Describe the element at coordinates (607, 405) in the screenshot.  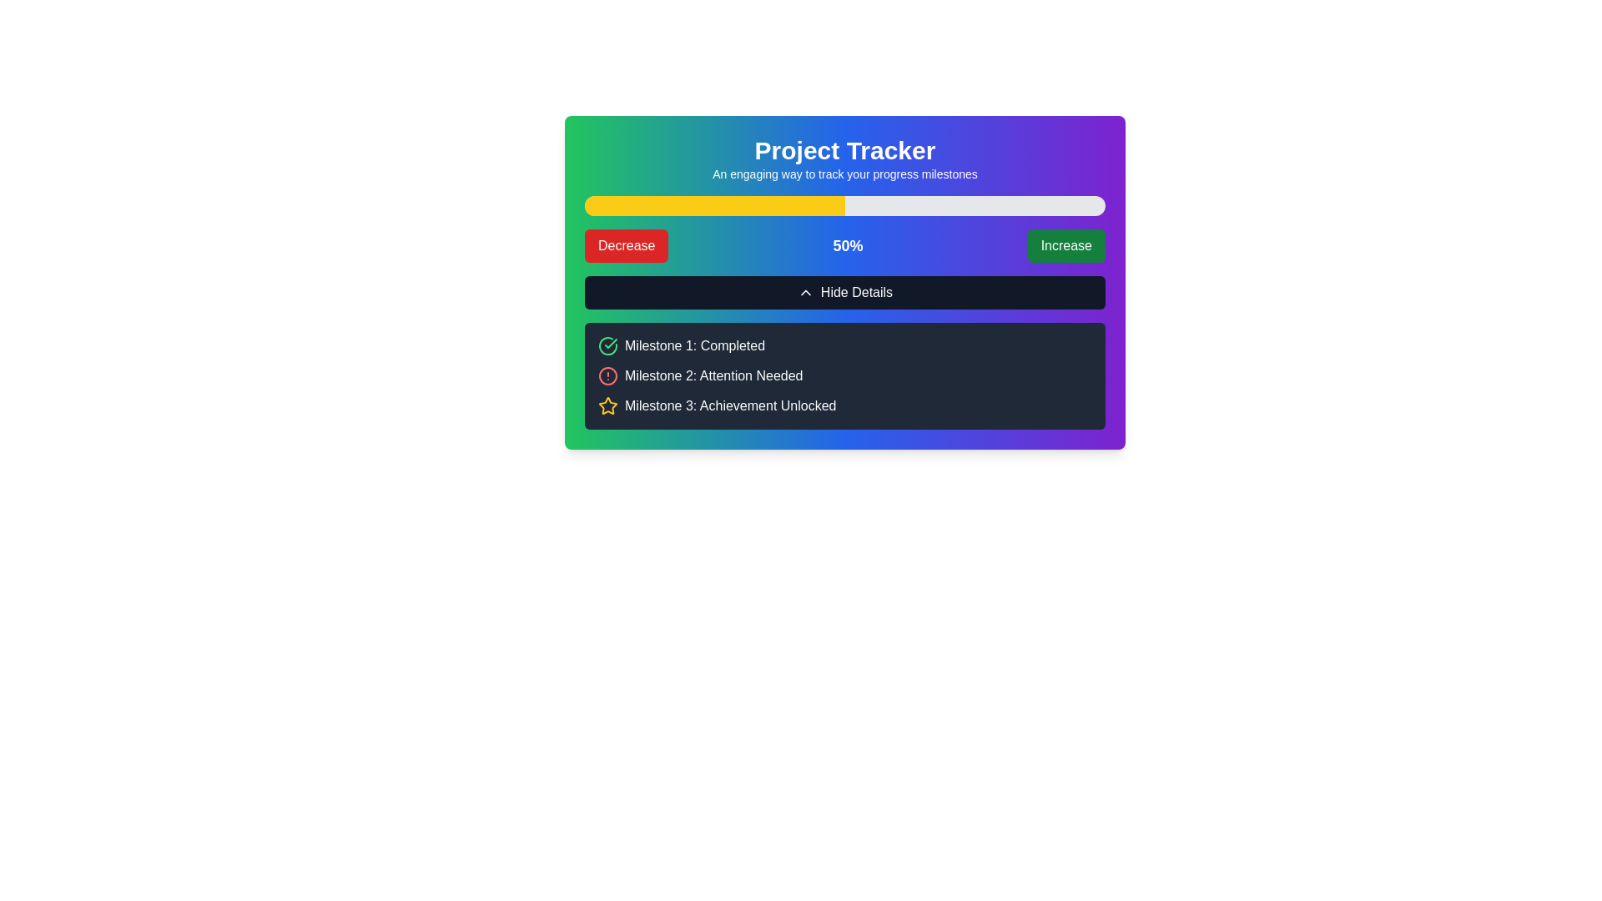
I see `the icon that visually emphasizes the achievement status of 'Milestone 3: Achievement Unlocked', located as the first item in the horizontal row within the milestones list` at that location.